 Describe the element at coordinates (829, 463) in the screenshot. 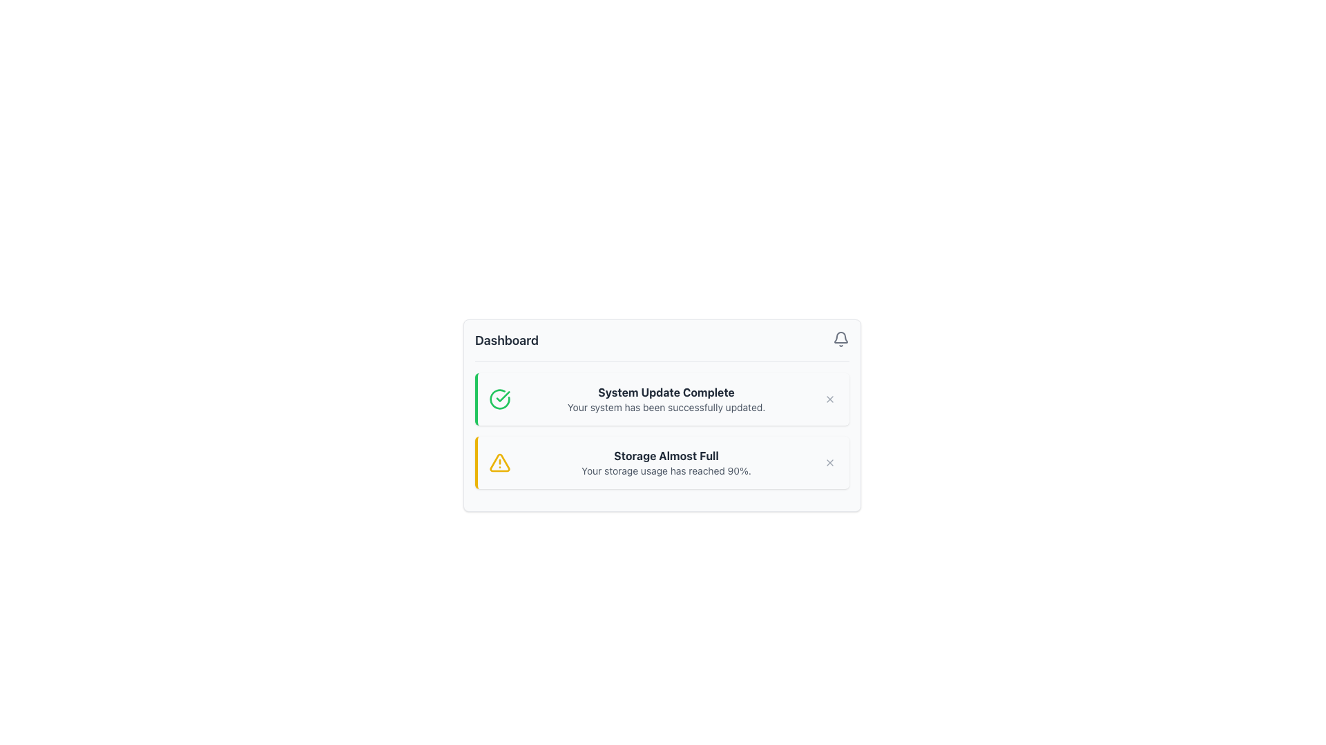

I see `the Close Button Icon located at the right end of the second notification labeled 'Storage Almost Full'` at that location.